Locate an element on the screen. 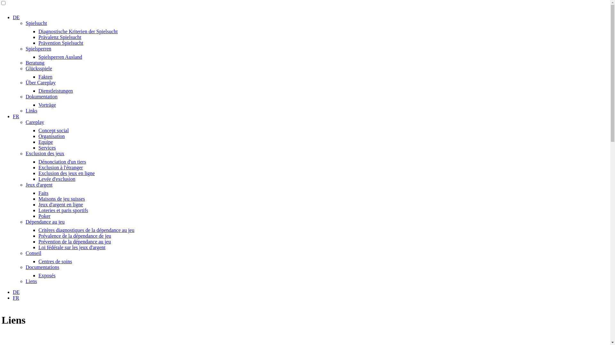 This screenshot has height=345, width=615. 'Services' is located at coordinates (38, 148).